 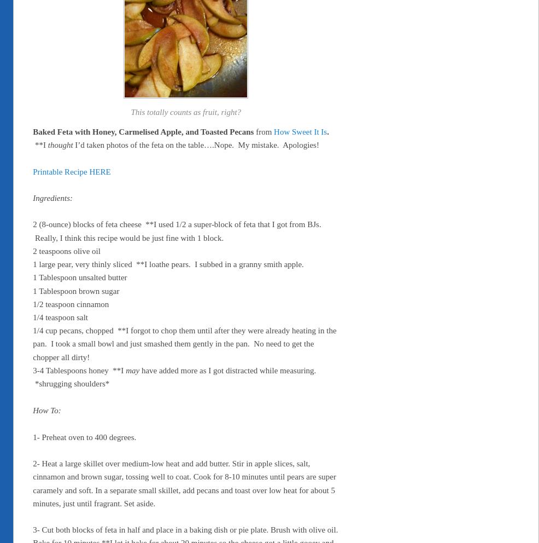 What do you see at coordinates (143, 131) in the screenshot?
I see `'Baked Feta with Honey, Carmelised Apple, and Toasted Pecans'` at bounding box center [143, 131].